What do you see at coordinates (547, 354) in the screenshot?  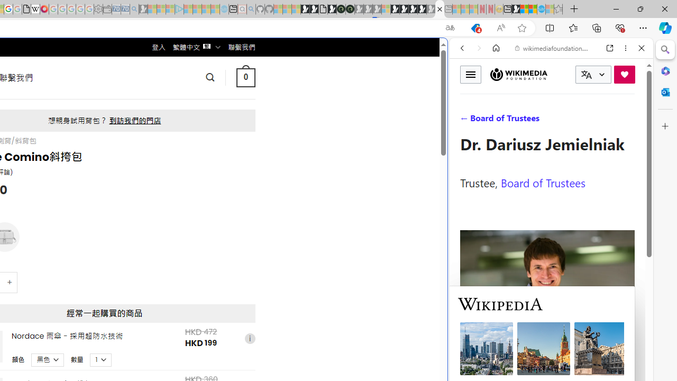 I see `'Wiktionary'` at bounding box center [547, 354].